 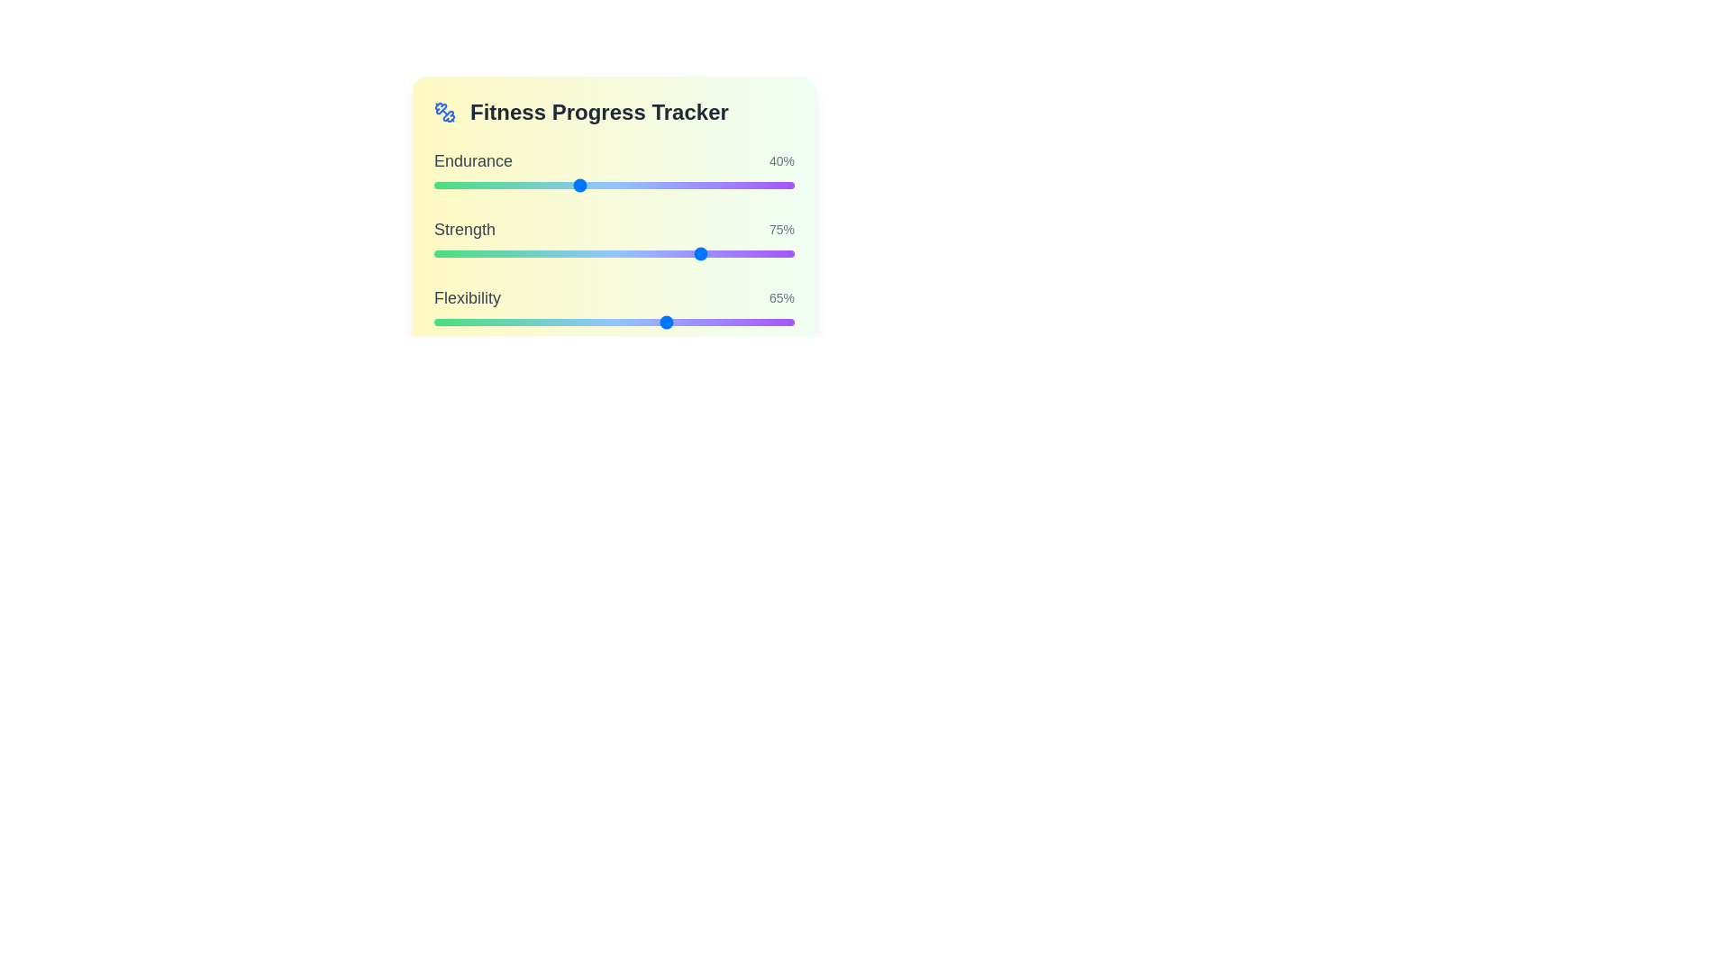 What do you see at coordinates (652, 253) in the screenshot?
I see `strength slider` at bounding box center [652, 253].